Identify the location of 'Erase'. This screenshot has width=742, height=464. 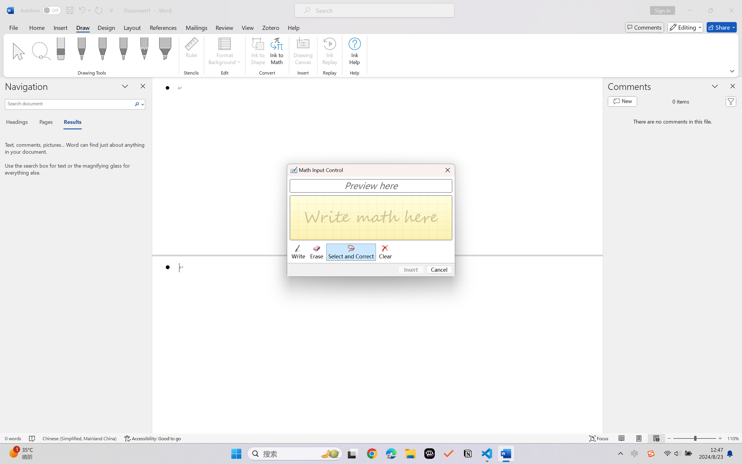
(317, 252).